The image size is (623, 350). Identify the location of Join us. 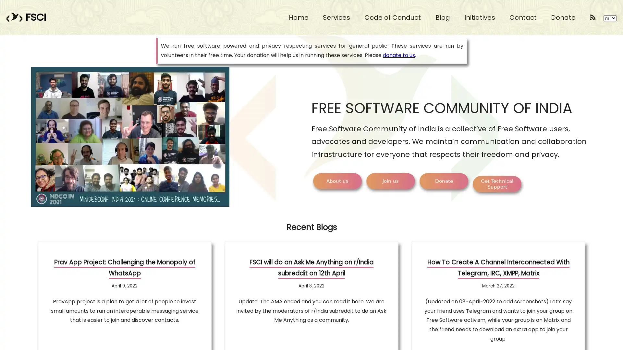
(390, 181).